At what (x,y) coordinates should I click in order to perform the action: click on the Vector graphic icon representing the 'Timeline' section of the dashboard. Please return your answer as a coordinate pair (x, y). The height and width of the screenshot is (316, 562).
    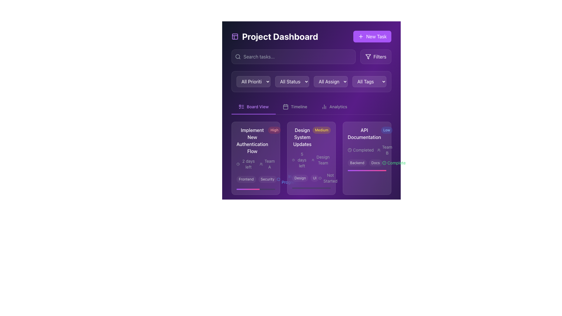
    Looking at the image, I should click on (285, 107).